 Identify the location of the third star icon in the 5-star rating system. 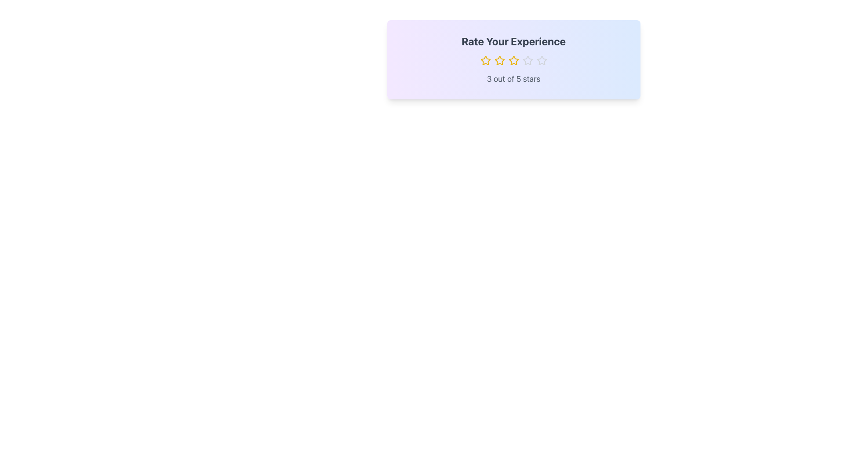
(513, 60).